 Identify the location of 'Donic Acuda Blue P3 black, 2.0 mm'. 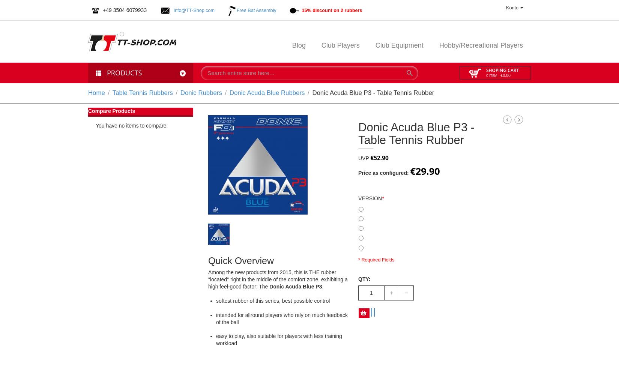
(400, 208).